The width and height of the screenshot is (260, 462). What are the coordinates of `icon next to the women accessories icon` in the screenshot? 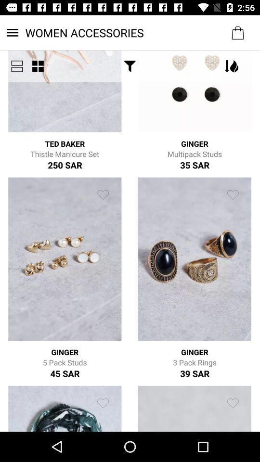 It's located at (17, 65).